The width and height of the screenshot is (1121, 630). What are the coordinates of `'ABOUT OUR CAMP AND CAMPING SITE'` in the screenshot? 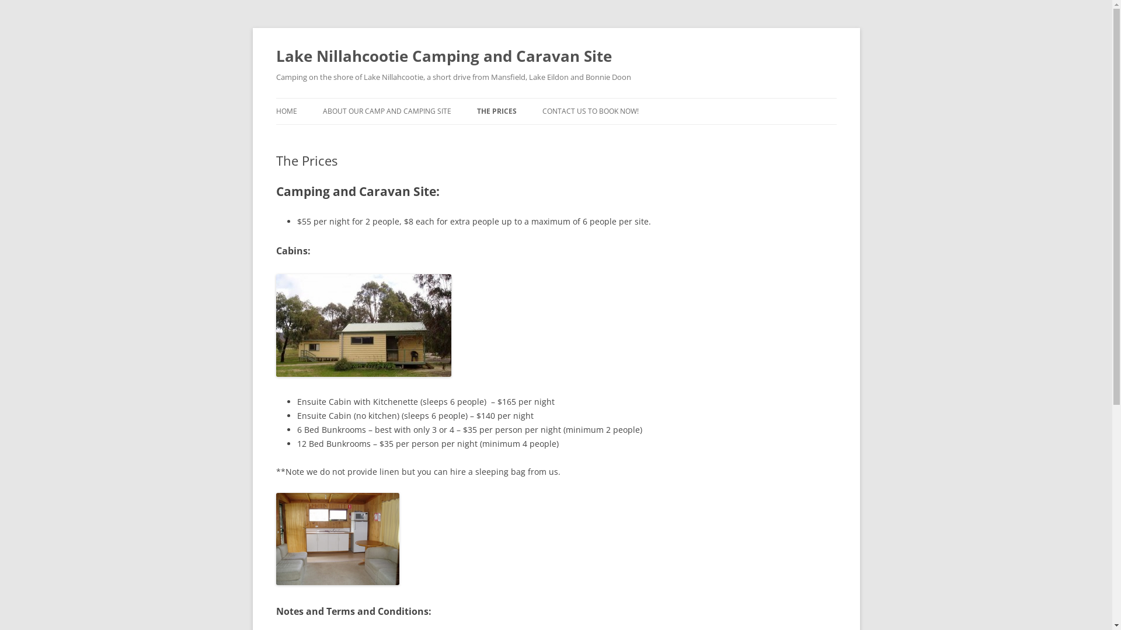 It's located at (387, 111).